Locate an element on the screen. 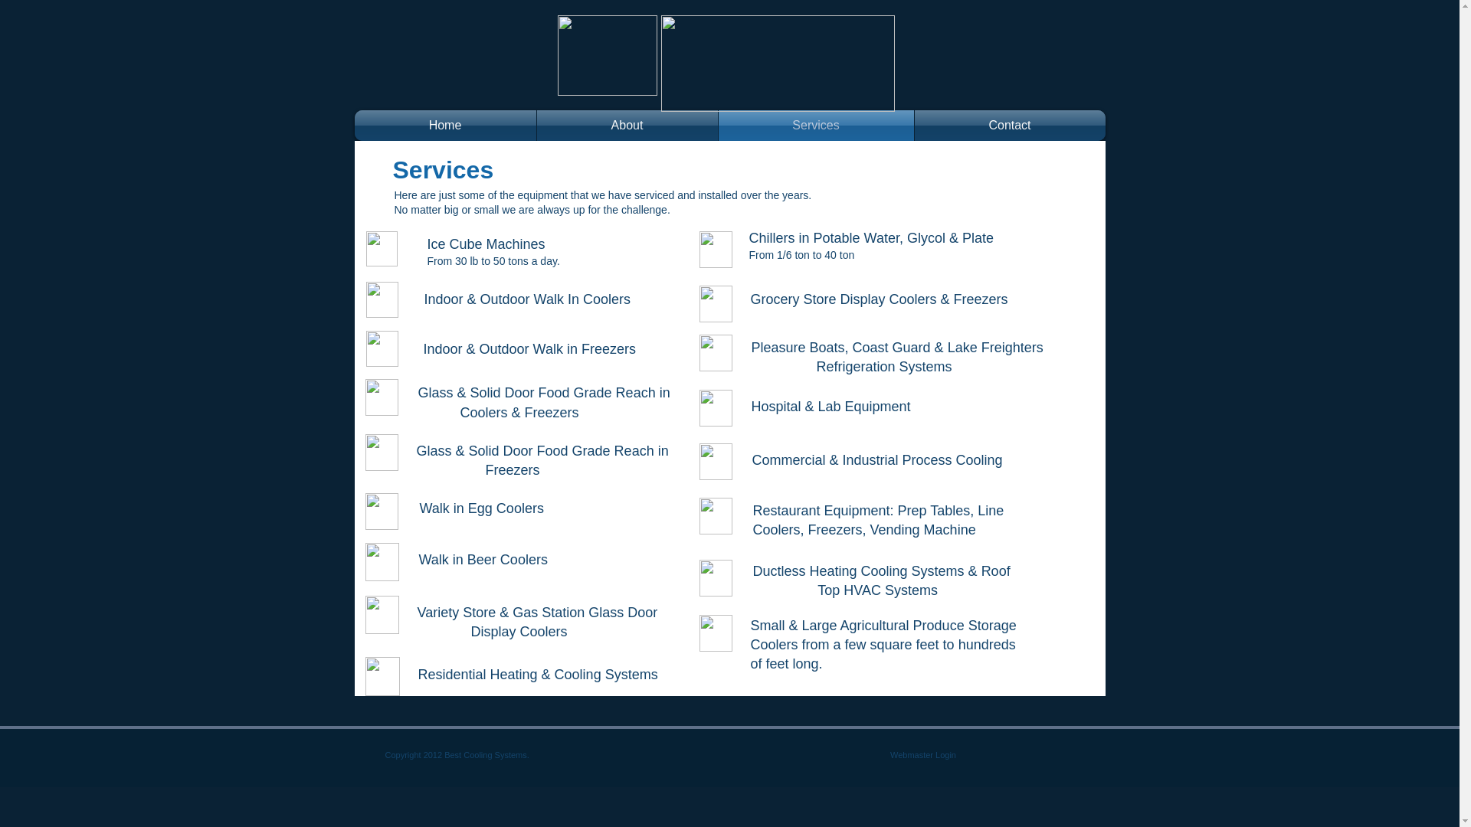 This screenshot has height=827, width=1471. 'Contact' is located at coordinates (915, 125).